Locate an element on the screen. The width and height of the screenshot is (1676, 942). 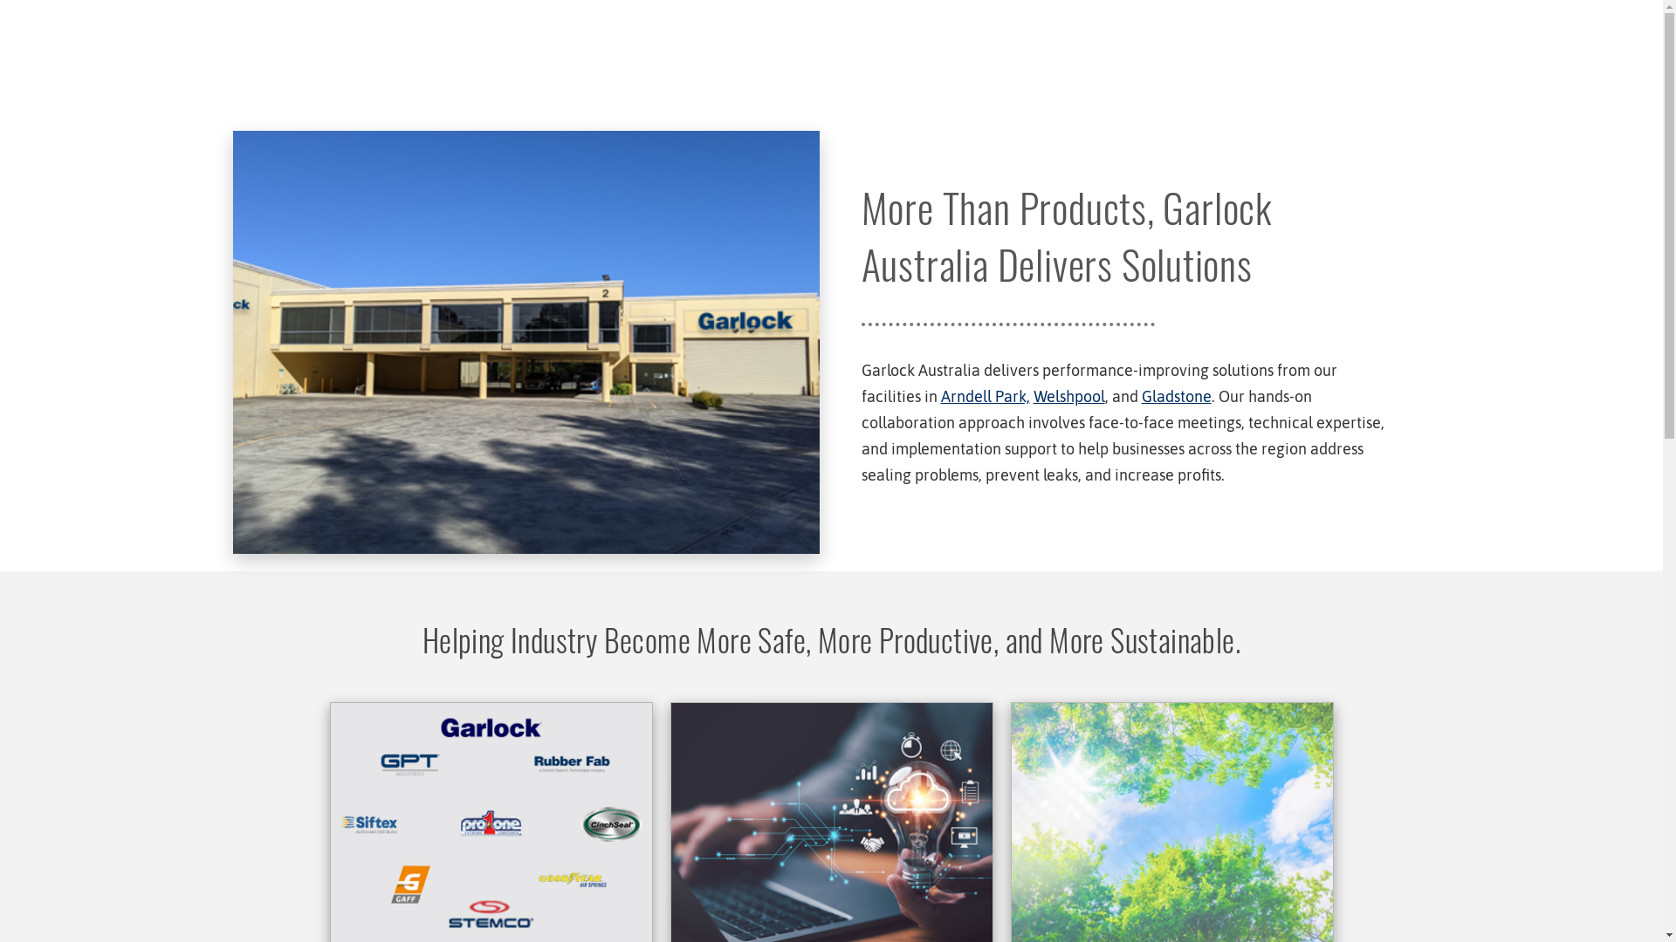
'Welshpool' is located at coordinates (1034, 396).